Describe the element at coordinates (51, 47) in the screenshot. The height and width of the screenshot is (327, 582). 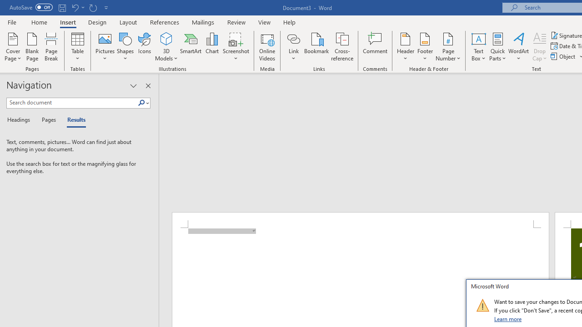
I see `'Page Break'` at that location.